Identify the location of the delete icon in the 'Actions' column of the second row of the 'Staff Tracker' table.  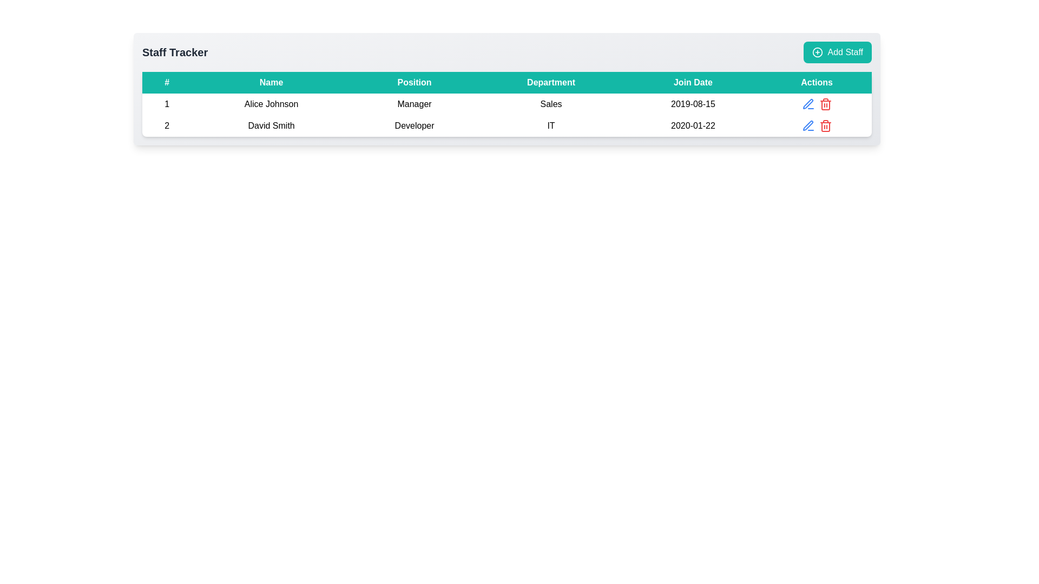
(825, 125).